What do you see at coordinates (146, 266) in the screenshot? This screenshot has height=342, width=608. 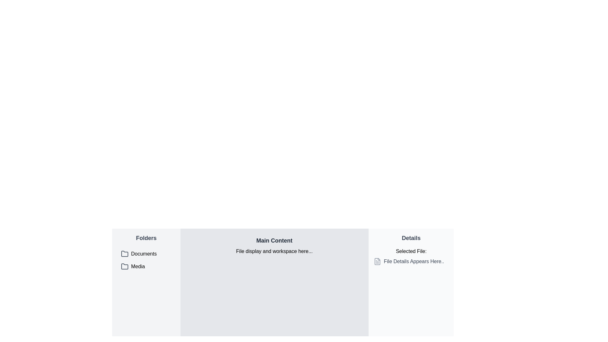 I see `the 'Media' folder located below the 'Documents' folder in the left-hand section of the interface` at bounding box center [146, 266].